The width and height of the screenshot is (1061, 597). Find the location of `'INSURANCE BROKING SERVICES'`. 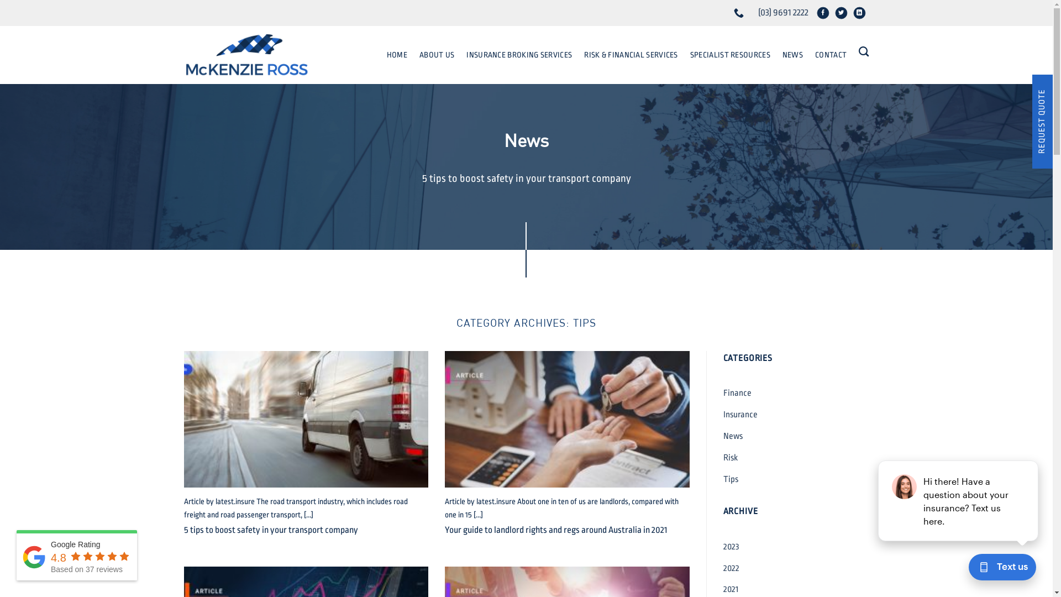

'INSURANCE BROKING SERVICES' is located at coordinates (518, 55).